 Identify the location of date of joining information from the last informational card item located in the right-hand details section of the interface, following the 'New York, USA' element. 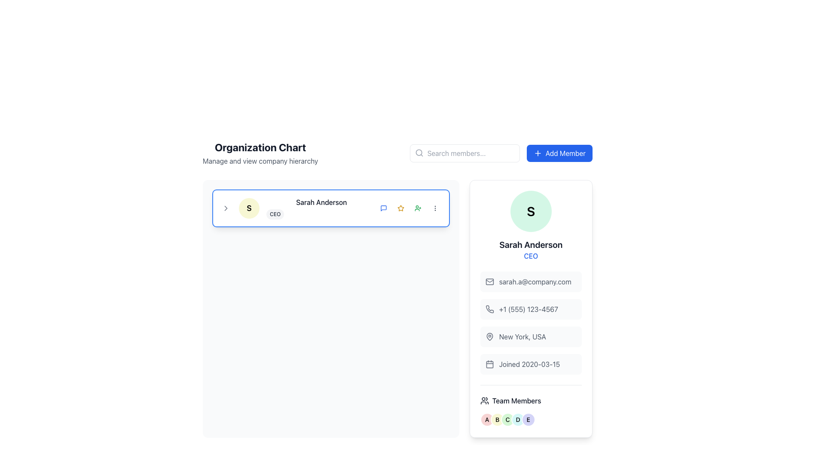
(530, 364).